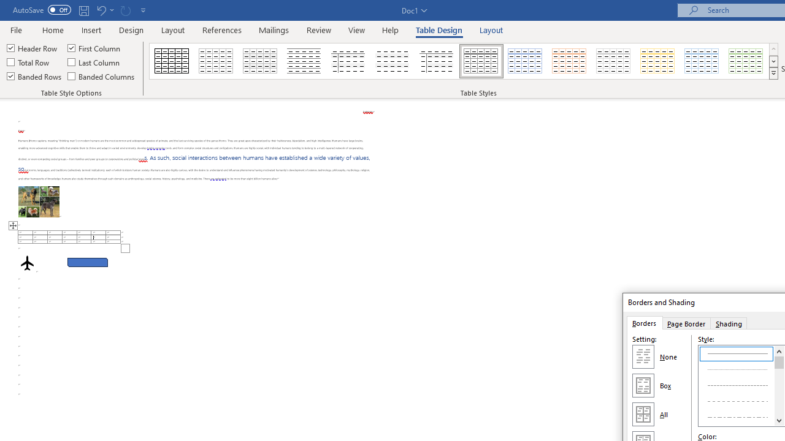 The height and width of the screenshot is (441, 785). I want to click on 'Table Grid', so click(171, 61).